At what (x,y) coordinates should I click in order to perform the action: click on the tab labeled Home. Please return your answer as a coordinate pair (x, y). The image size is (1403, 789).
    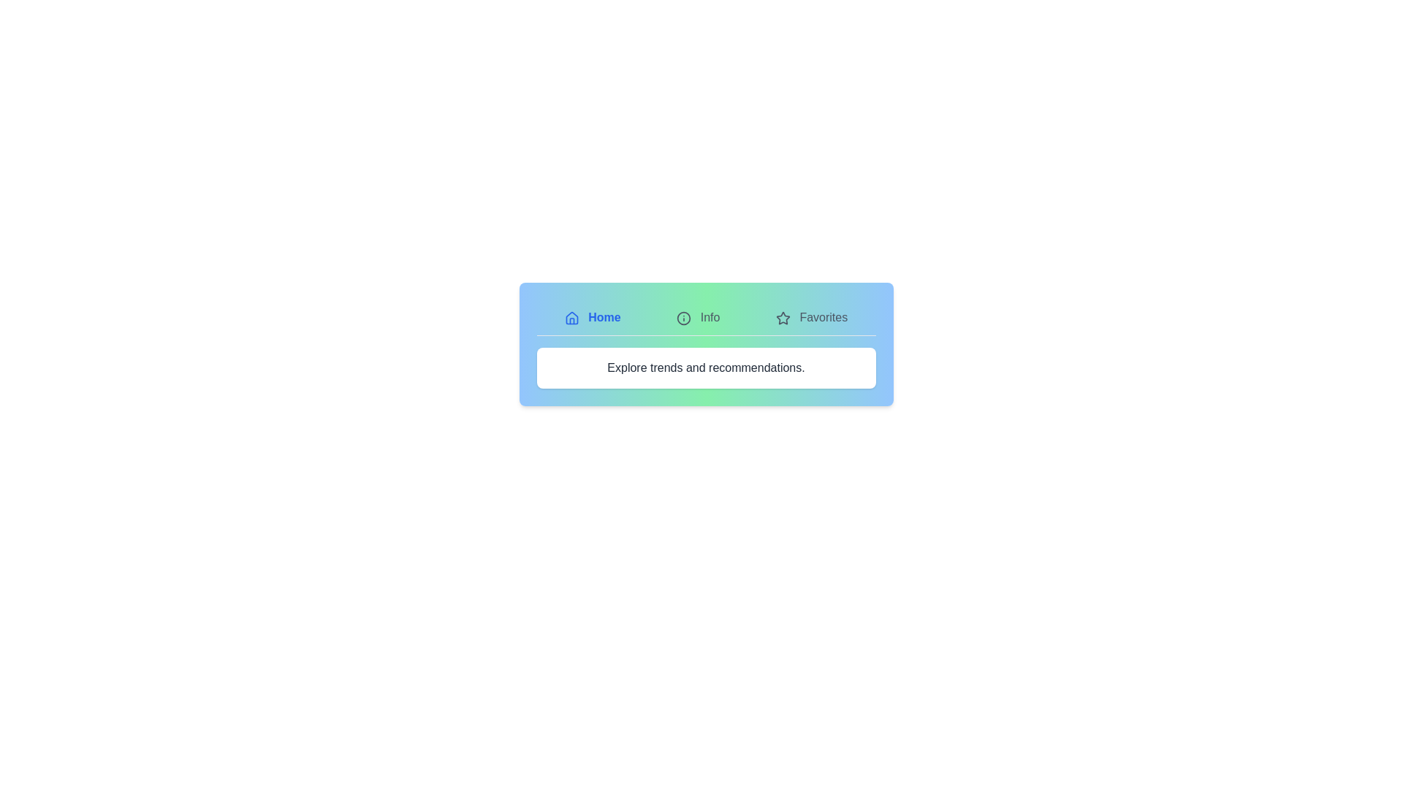
    Looking at the image, I should click on (593, 317).